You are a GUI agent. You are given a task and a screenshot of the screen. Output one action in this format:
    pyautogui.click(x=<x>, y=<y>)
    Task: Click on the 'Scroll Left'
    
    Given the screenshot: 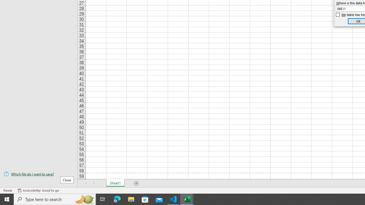 What is the action you would take?
    pyautogui.click(x=86, y=183)
    